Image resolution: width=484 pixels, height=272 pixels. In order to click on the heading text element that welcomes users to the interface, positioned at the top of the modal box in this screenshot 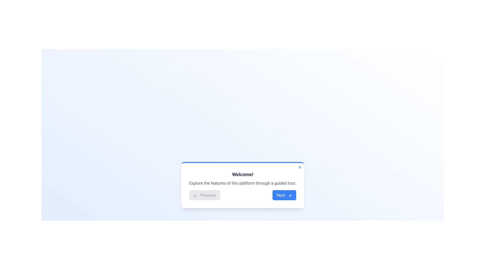, I will do `click(243, 174)`.